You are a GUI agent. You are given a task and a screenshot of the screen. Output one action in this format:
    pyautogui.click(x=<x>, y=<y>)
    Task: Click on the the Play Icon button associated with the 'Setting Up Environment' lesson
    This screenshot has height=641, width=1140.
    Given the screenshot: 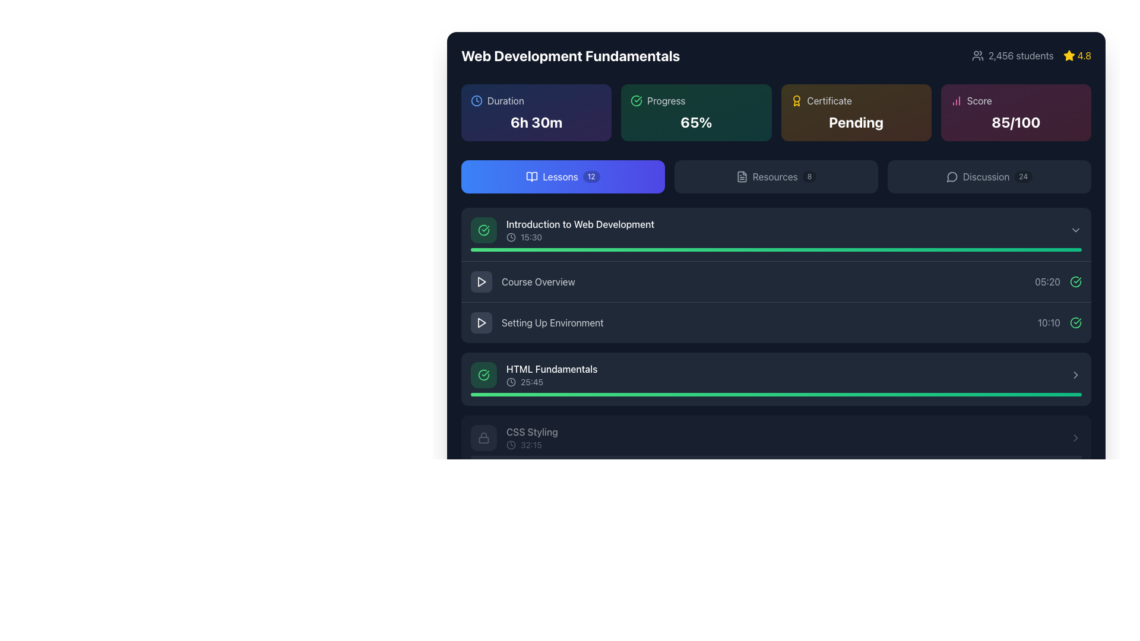 What is the action you would take?
    pyautogui.click(x=482, y=322)
    